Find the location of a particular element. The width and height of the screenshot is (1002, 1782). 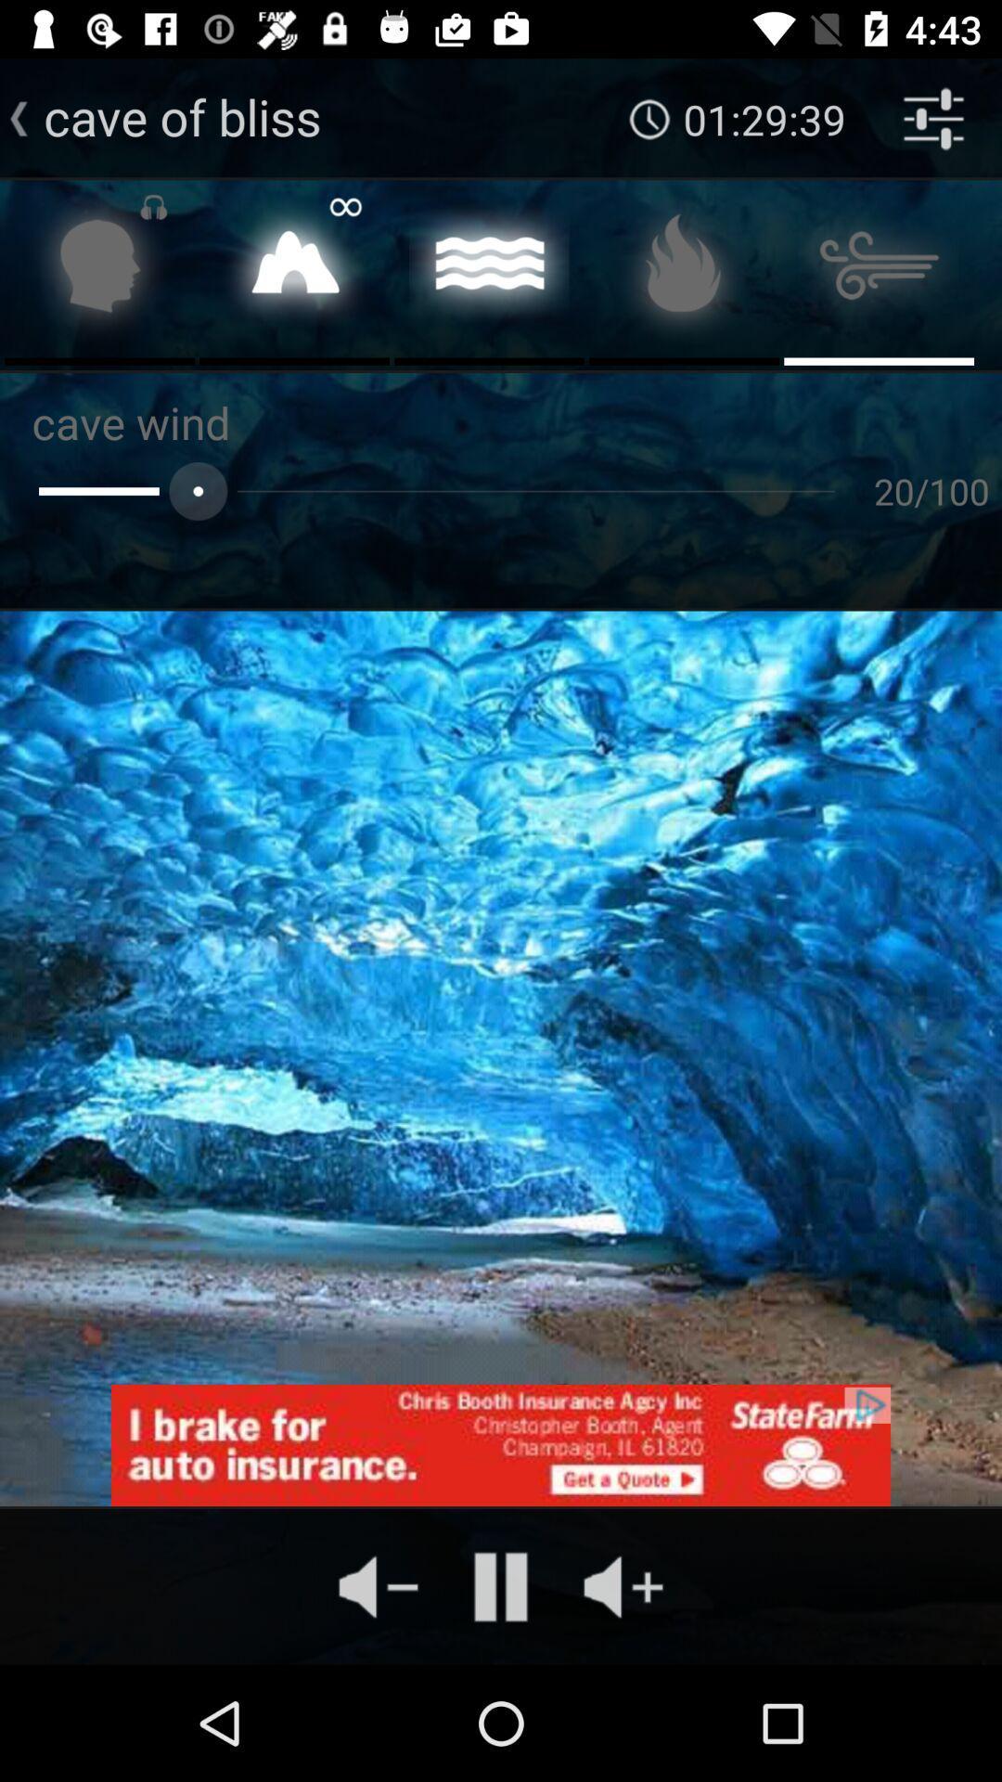

menu is located at coordinates (878, 270).